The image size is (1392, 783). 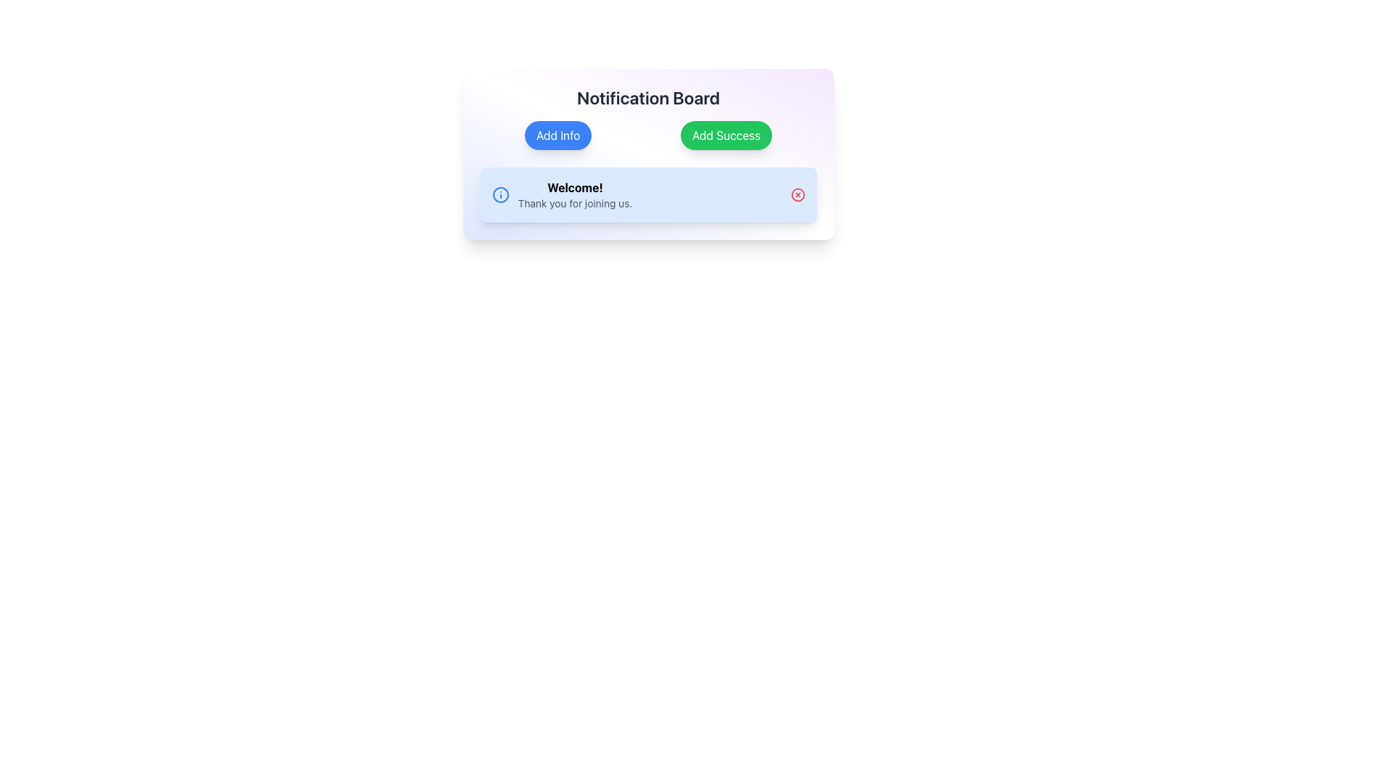 What do you see at coordinates (574, 194) in the screenshot?
I see `the static text element displaying the welcome message, which is located within the notification card, positioned to the right of a blue circular icon and before a red circular icon` at bounding box center [574, 194].